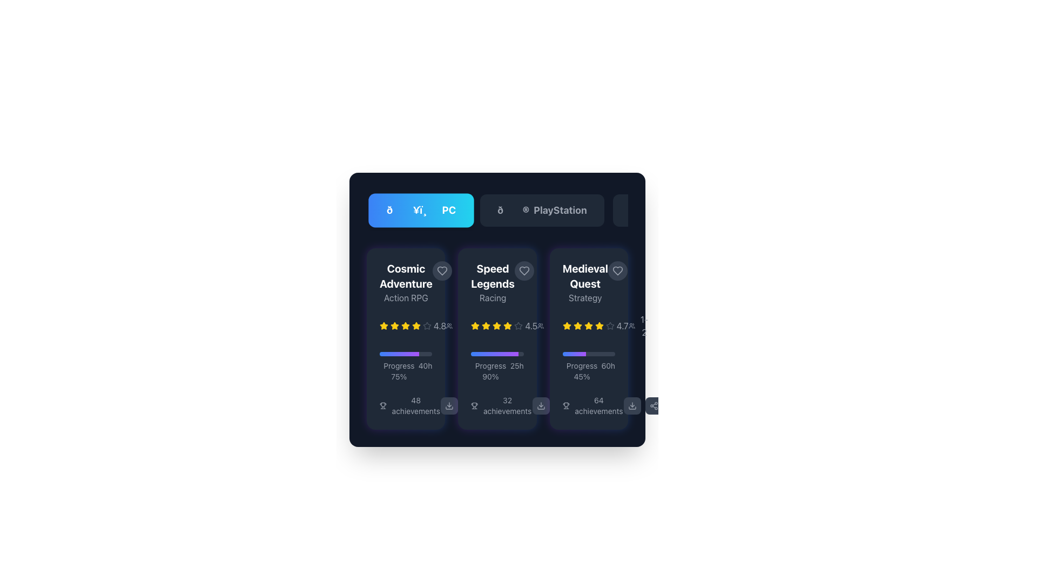 Image resolution: width=1037 pixels, height=583 pixels. What do you see at coordinates (421, 210) in the screenshot?
I see `the blue to cyan gradient button labeled 'PC' with an emoji` at bounding box center [421, 210].